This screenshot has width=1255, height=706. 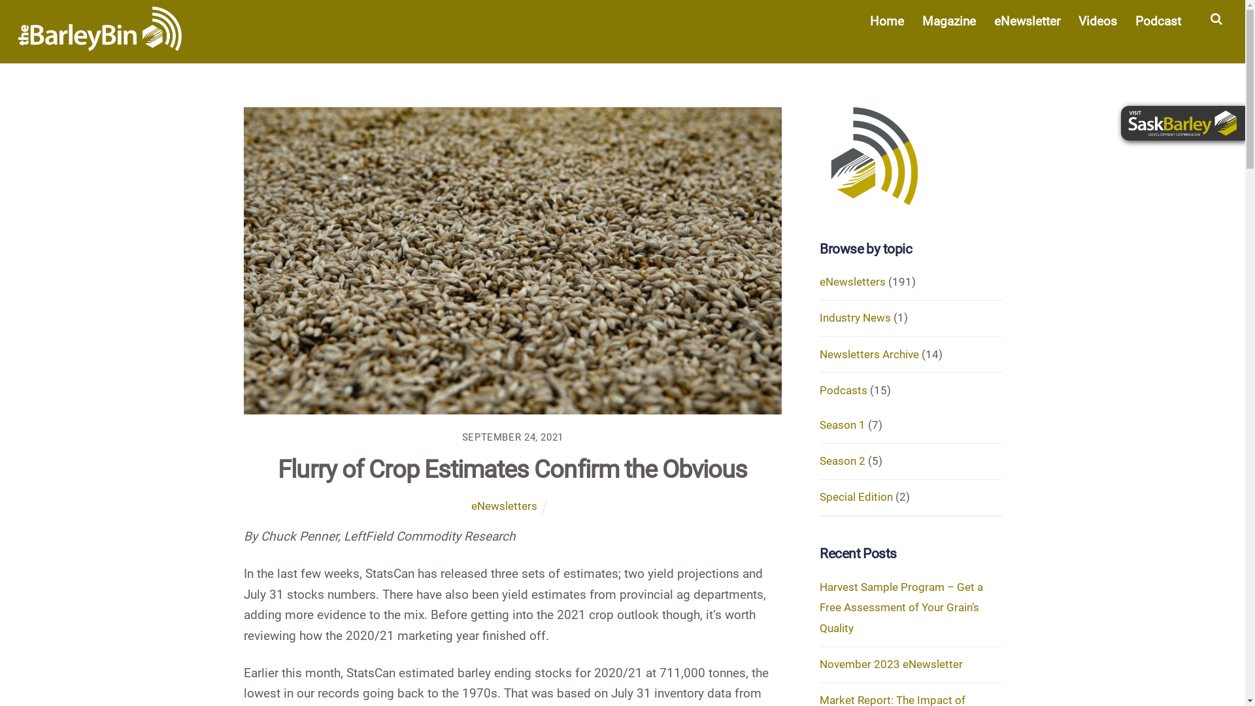 I want to click on 'eNewsletters', so click(x=503, y=505).